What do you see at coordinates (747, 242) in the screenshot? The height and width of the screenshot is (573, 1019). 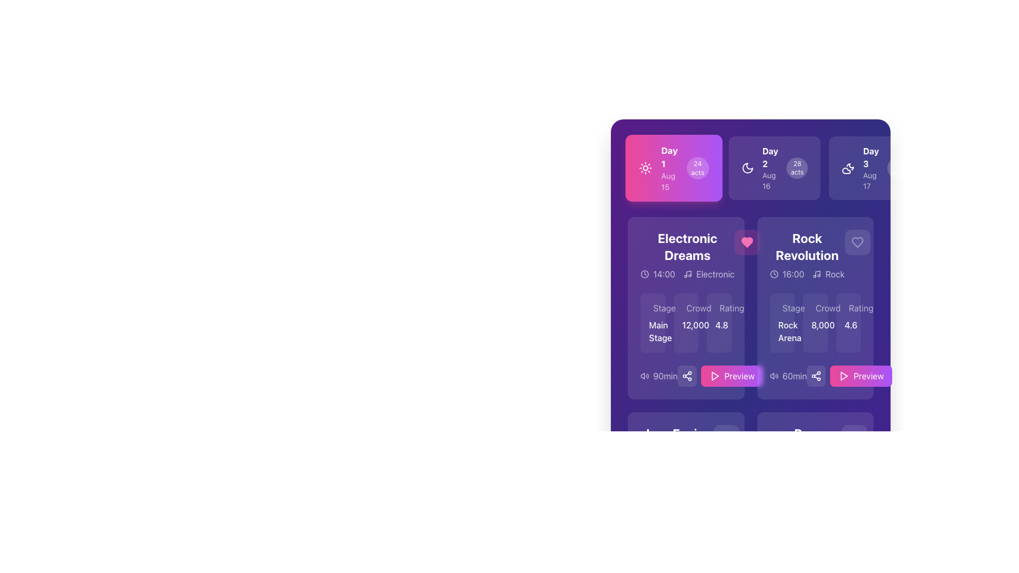 I see `the favorite button located to the right of the 'Electronic Dreams' title to mark the event as liked` at bounding box center [747, 242].